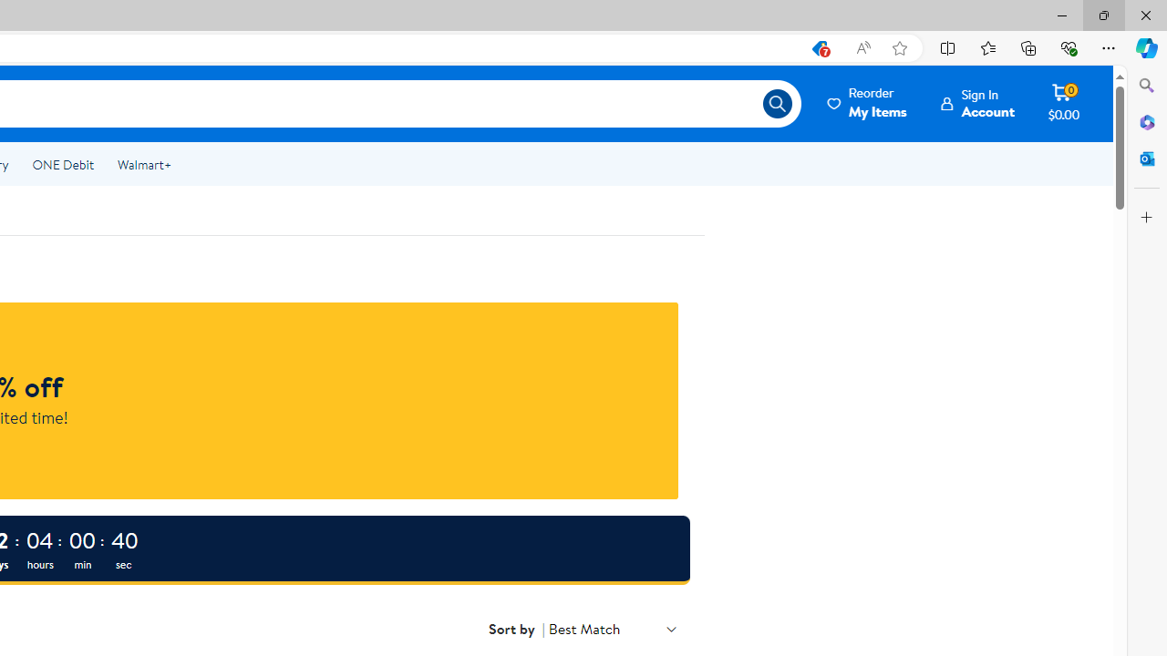 The height and width of the screenshot is (656, 1167). I want to click on 'Walmart+', so click(143, 165).